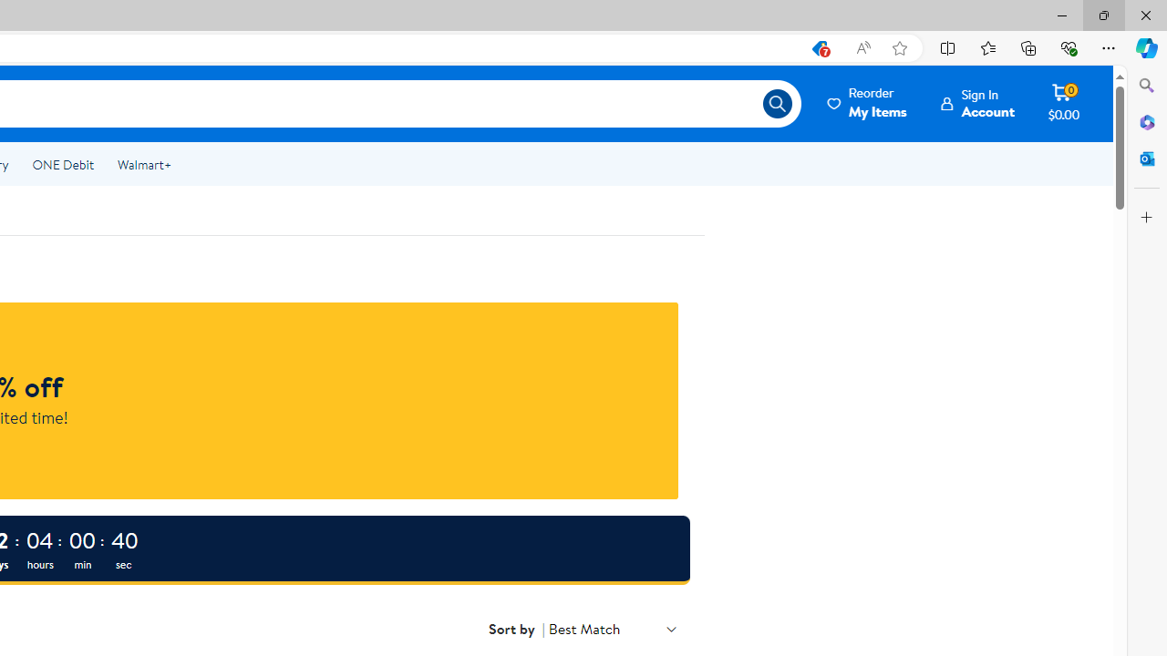 The height and width of the screenshot is (656, 1167). I want to click on 'Walmart+', so click(143, 165).